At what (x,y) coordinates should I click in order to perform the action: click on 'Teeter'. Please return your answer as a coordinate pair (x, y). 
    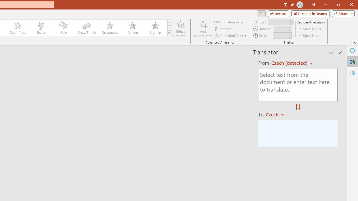
    Looking at the image, I should click on (40, 28).